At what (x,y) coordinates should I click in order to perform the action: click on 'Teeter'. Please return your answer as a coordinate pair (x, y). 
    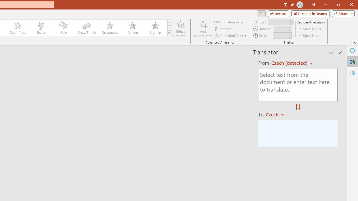
    Looking at the image, I should click on (40, 28).